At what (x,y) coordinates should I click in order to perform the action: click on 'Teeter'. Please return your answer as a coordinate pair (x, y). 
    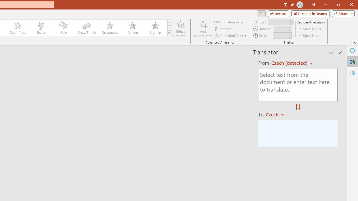
    Looking at the image, I should click on (40, 28).